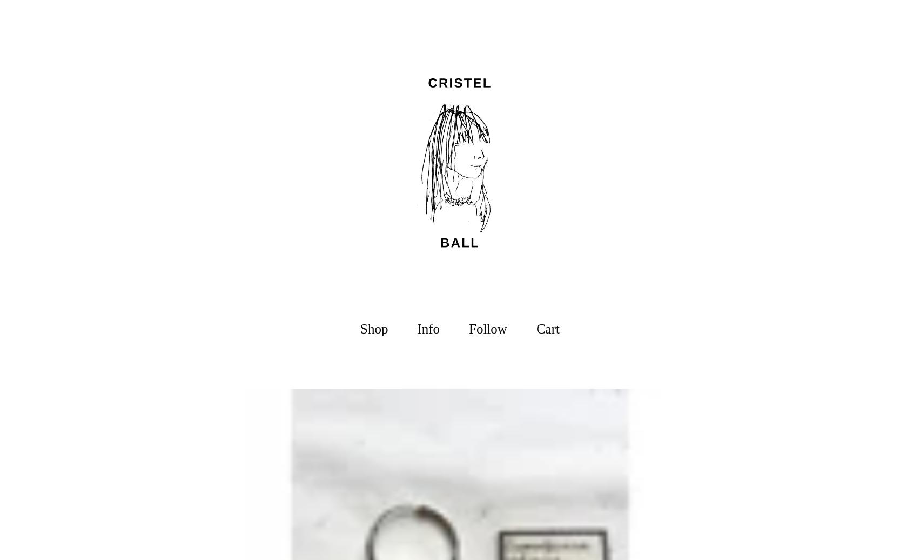 The width and height of the screenshot is (920, 560). What do you see at coordinates (417, 329) in the screenshot?
I see `'Info'` at bounding box center [417, 329].